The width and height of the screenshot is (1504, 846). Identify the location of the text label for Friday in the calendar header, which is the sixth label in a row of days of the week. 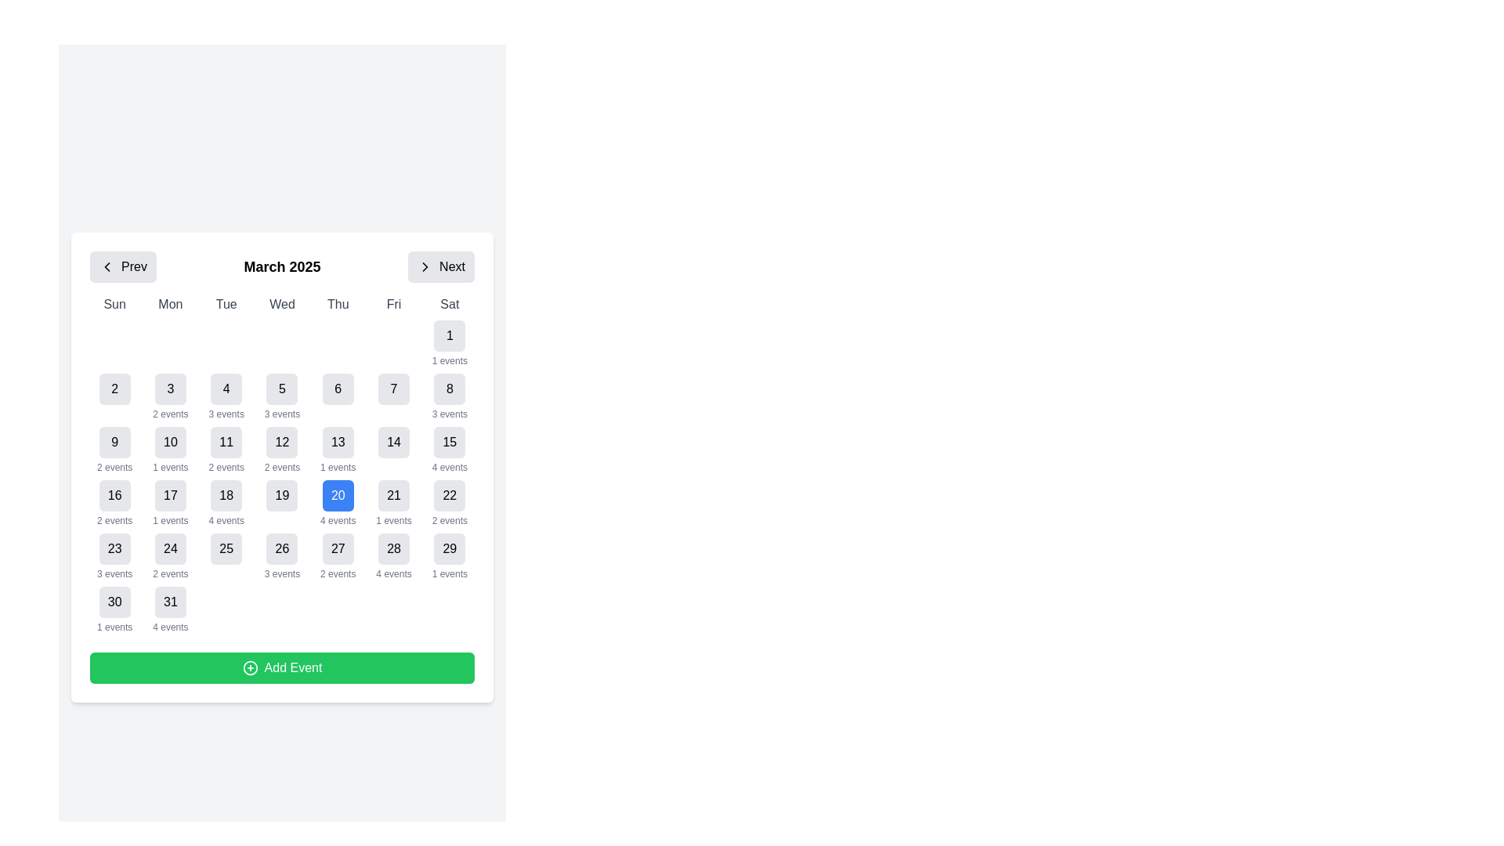
(394, 305).